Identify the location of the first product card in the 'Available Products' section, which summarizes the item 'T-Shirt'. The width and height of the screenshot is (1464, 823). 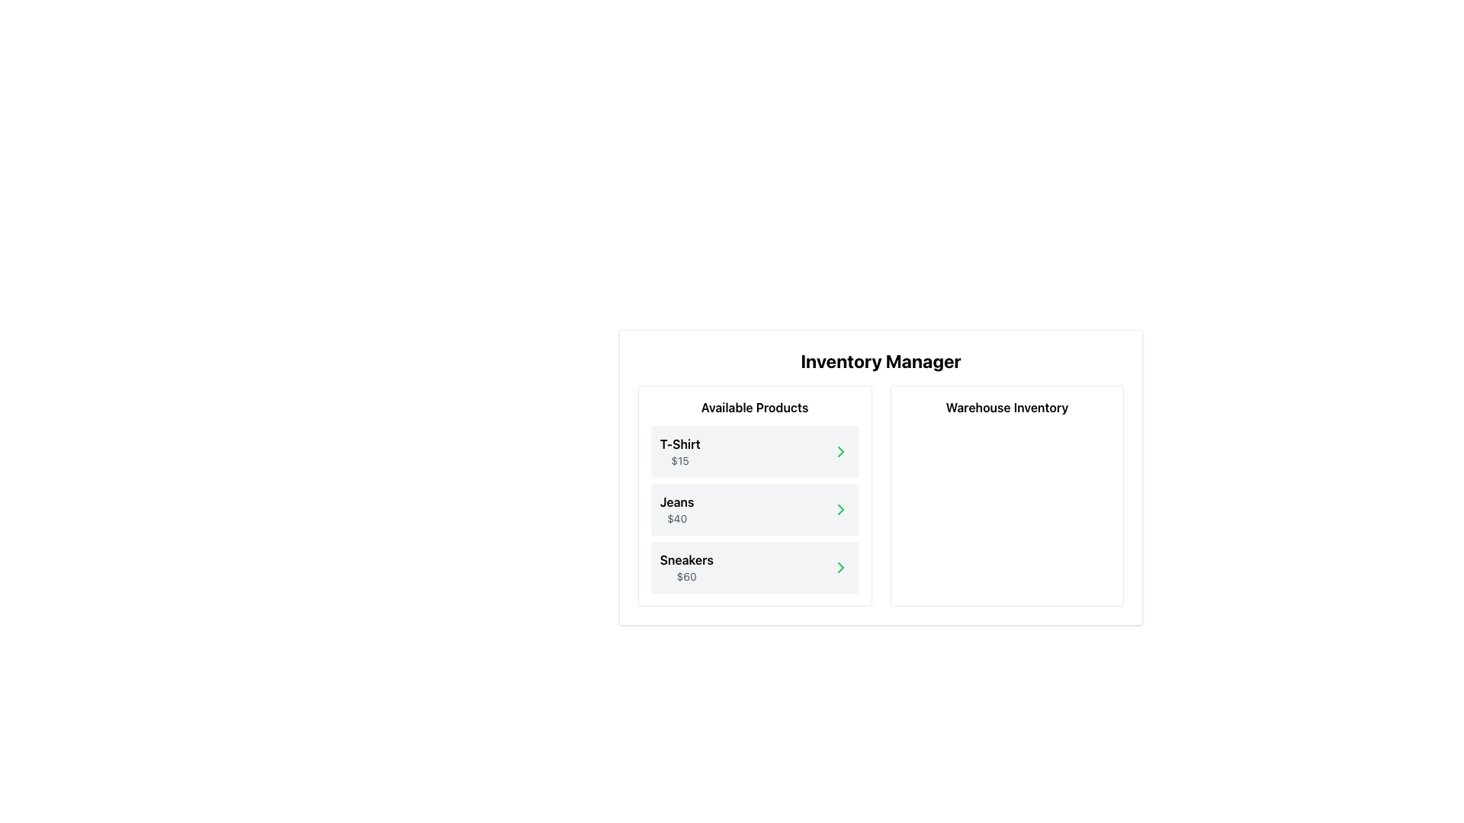
(755, 451).